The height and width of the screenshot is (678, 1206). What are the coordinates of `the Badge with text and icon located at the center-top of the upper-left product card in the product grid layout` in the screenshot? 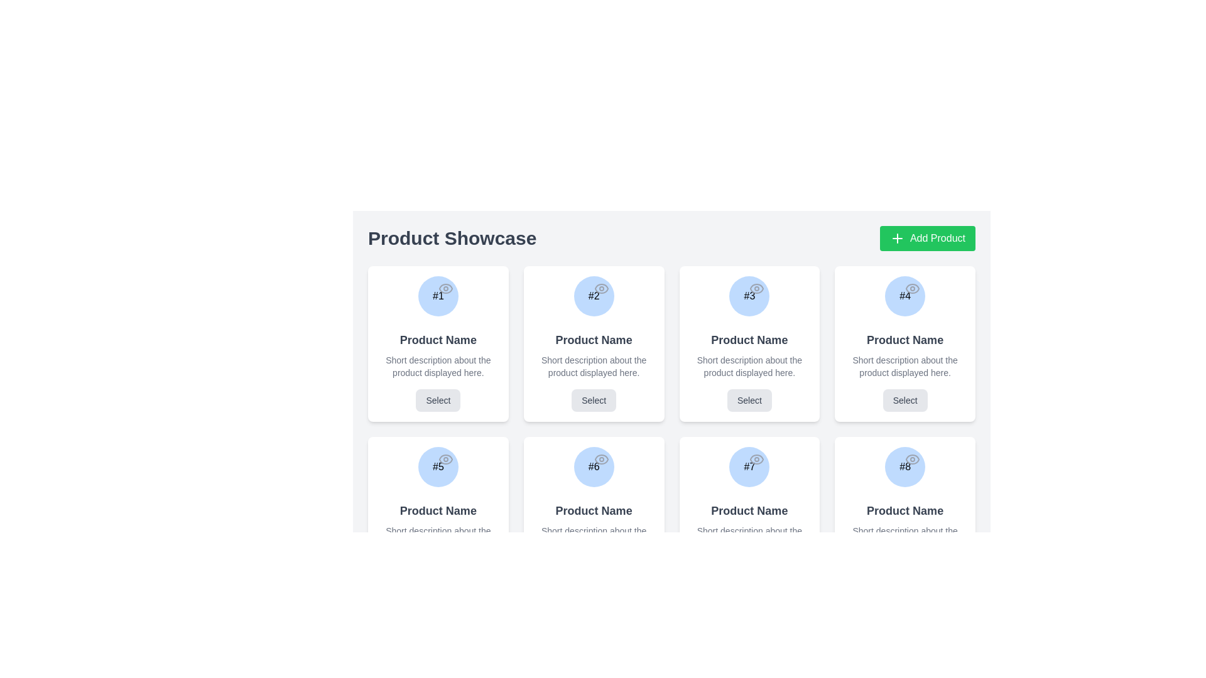 It's located at (438, 296).